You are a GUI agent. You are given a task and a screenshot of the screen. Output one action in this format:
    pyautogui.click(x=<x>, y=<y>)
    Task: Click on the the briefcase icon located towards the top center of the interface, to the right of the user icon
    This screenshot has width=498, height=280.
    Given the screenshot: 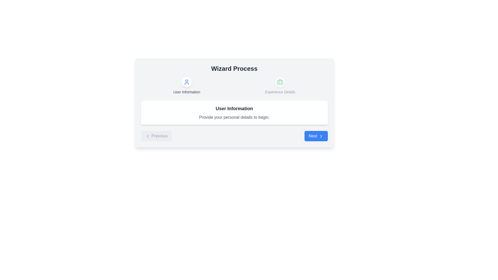 What is the action you would take?
    pyautogui.click(x=280, y=82)
    